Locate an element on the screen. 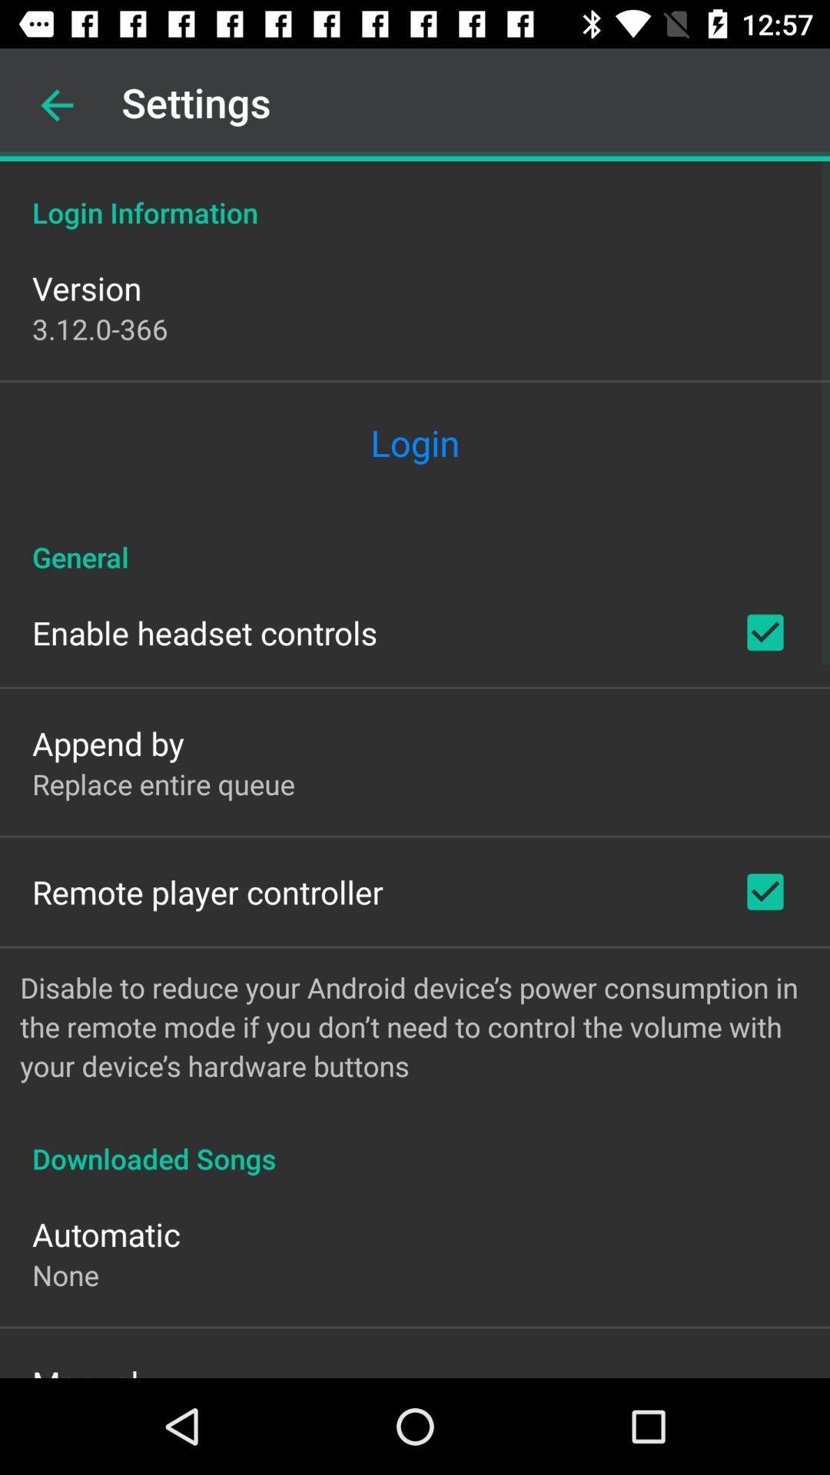 Image resolution: width=830 pixels, height=1475 pixels. remote player controller item is located at coordinates (207, 892).